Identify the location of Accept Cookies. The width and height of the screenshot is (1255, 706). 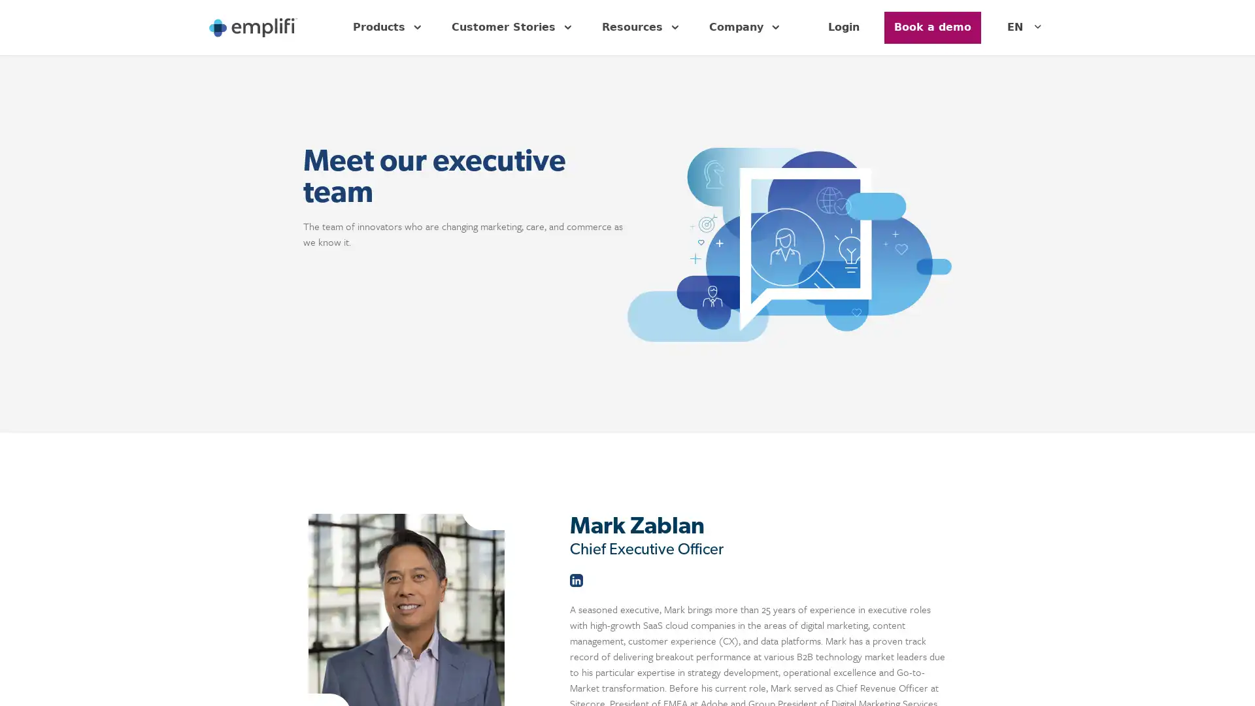
(1039, 677).